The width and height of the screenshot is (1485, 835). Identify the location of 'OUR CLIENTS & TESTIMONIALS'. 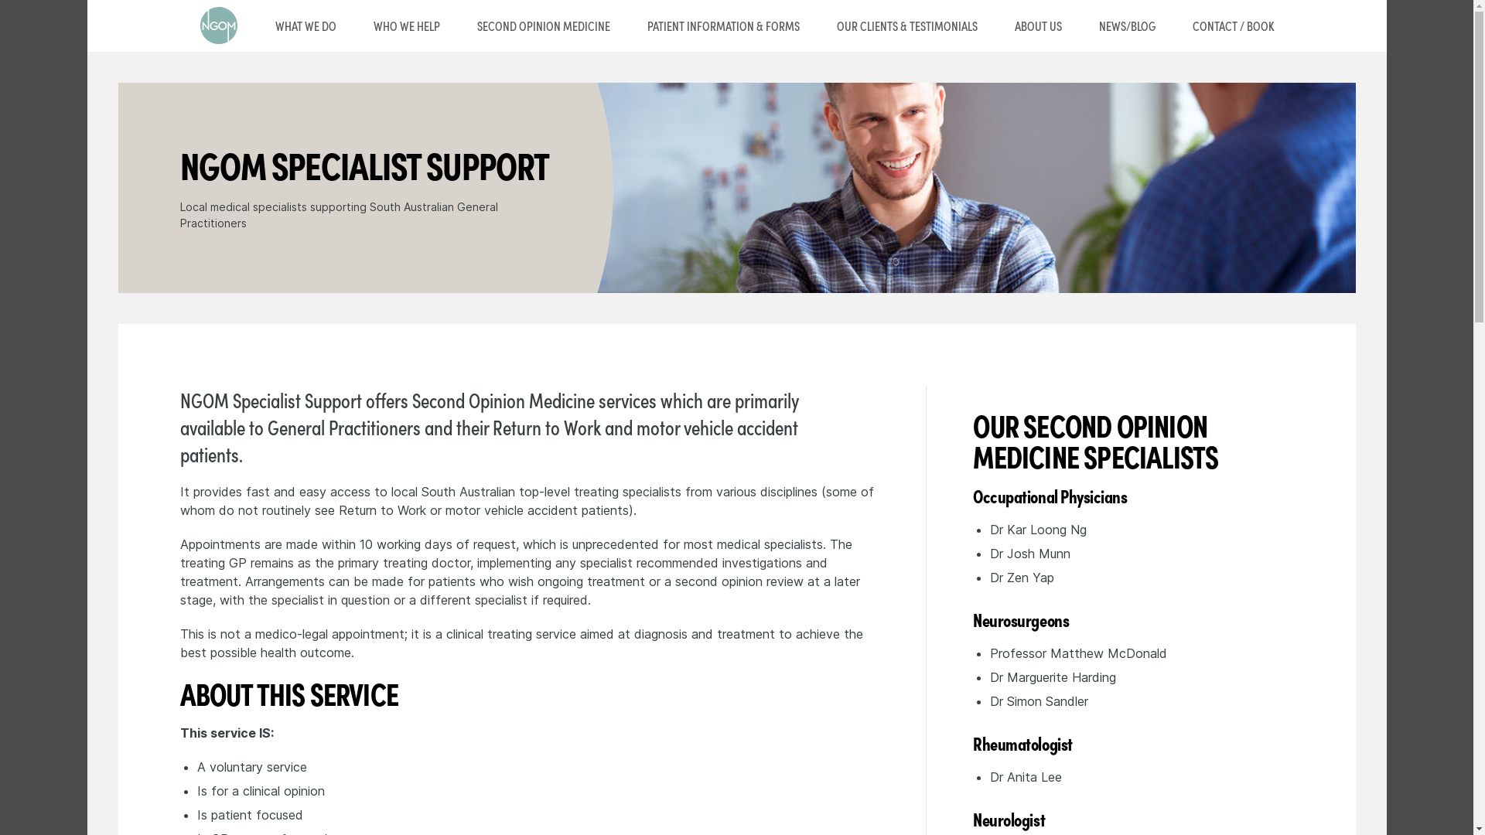
(906, 26).